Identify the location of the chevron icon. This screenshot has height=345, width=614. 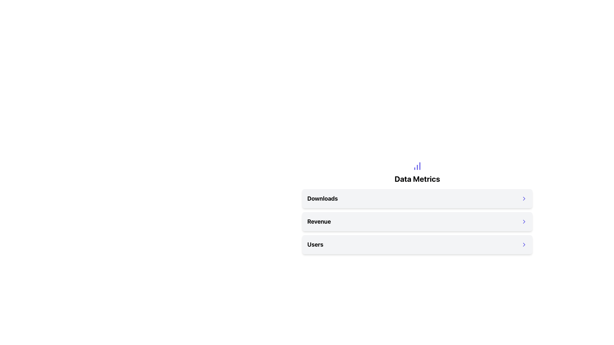
(524, 198).